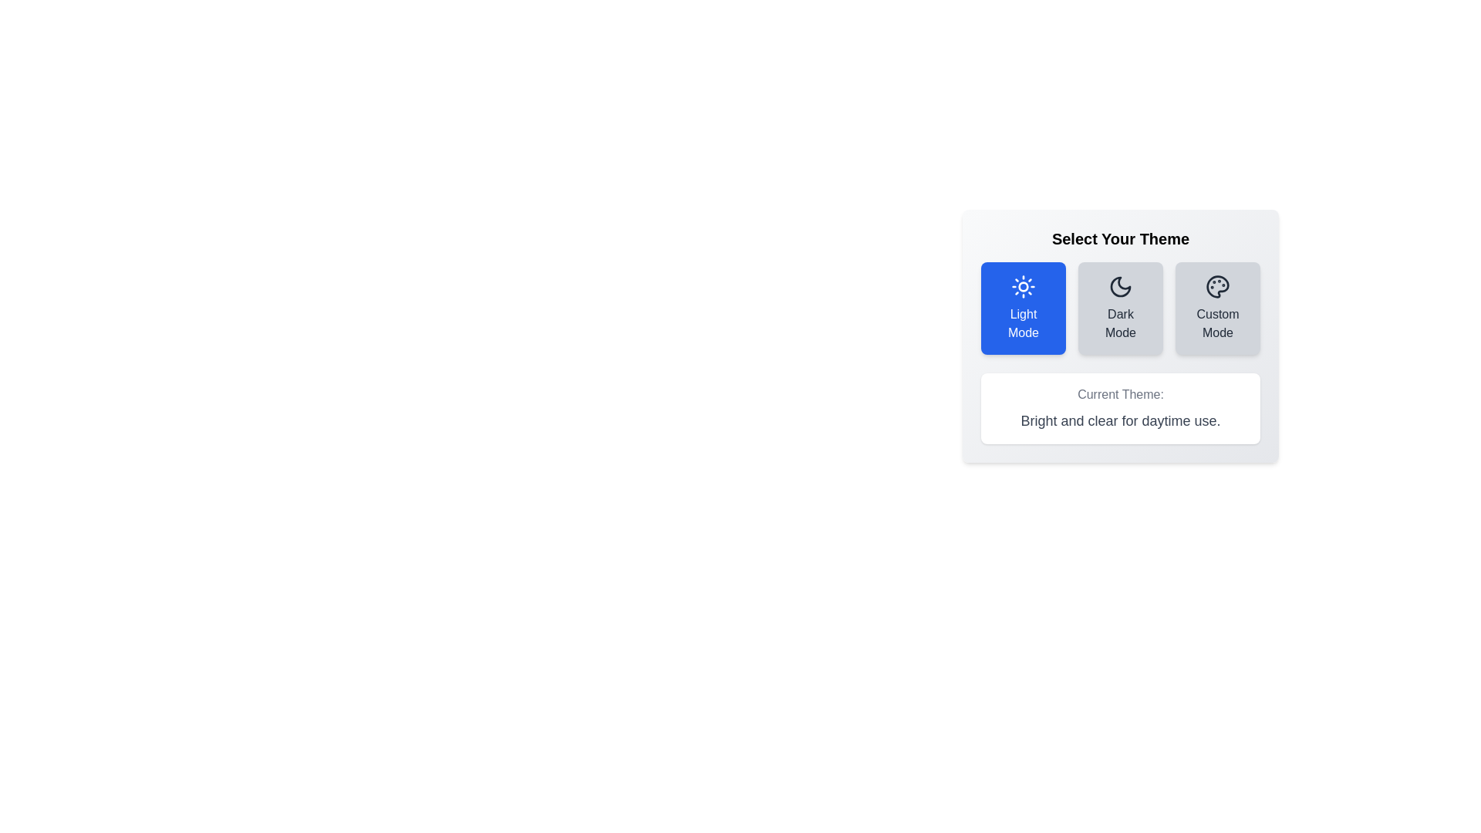 This screenshot has height=833, width=1481. What do you see at coordinates (1217, 309) in the screenshot?
I see `the button corresponding to Custom Mode theme` at bounding box center [1217, 309].